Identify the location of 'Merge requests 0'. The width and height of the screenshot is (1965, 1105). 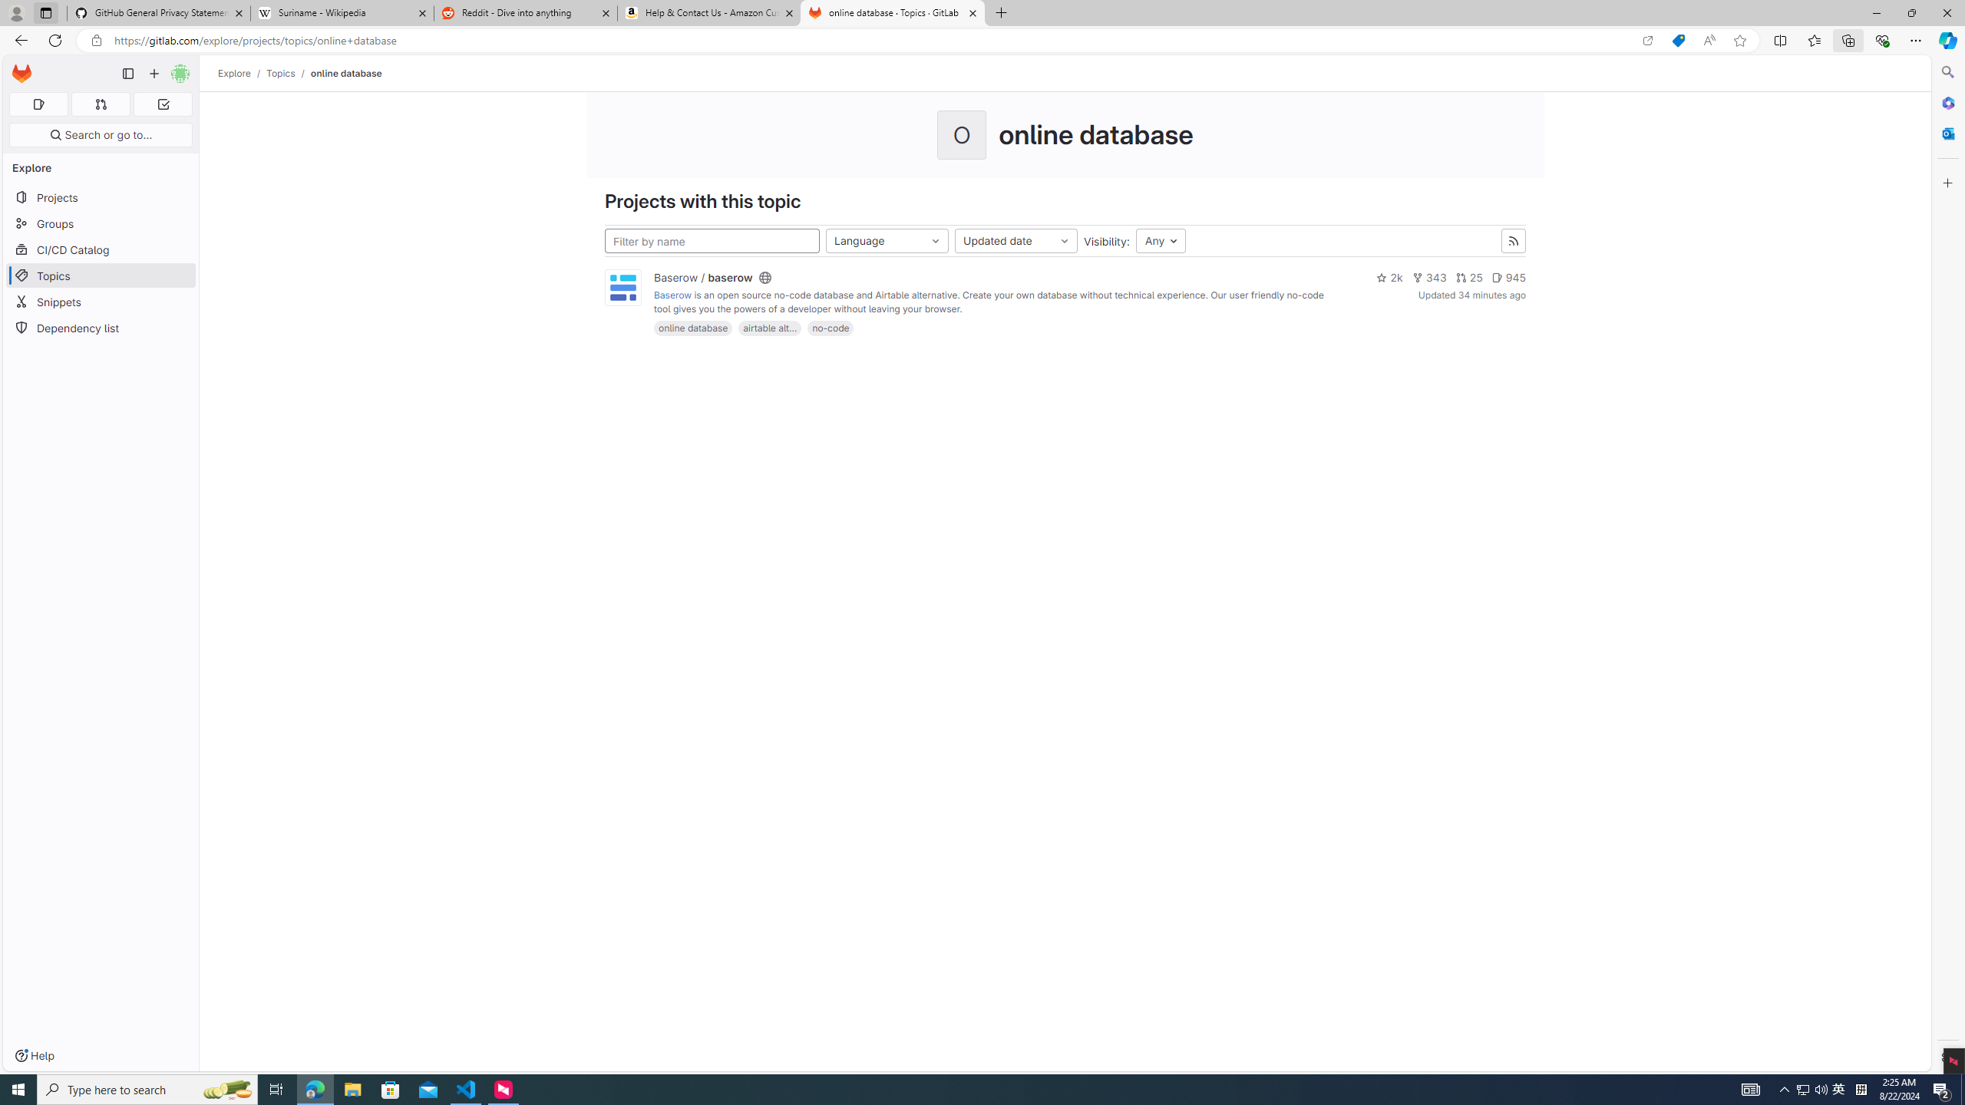
(100, 104).